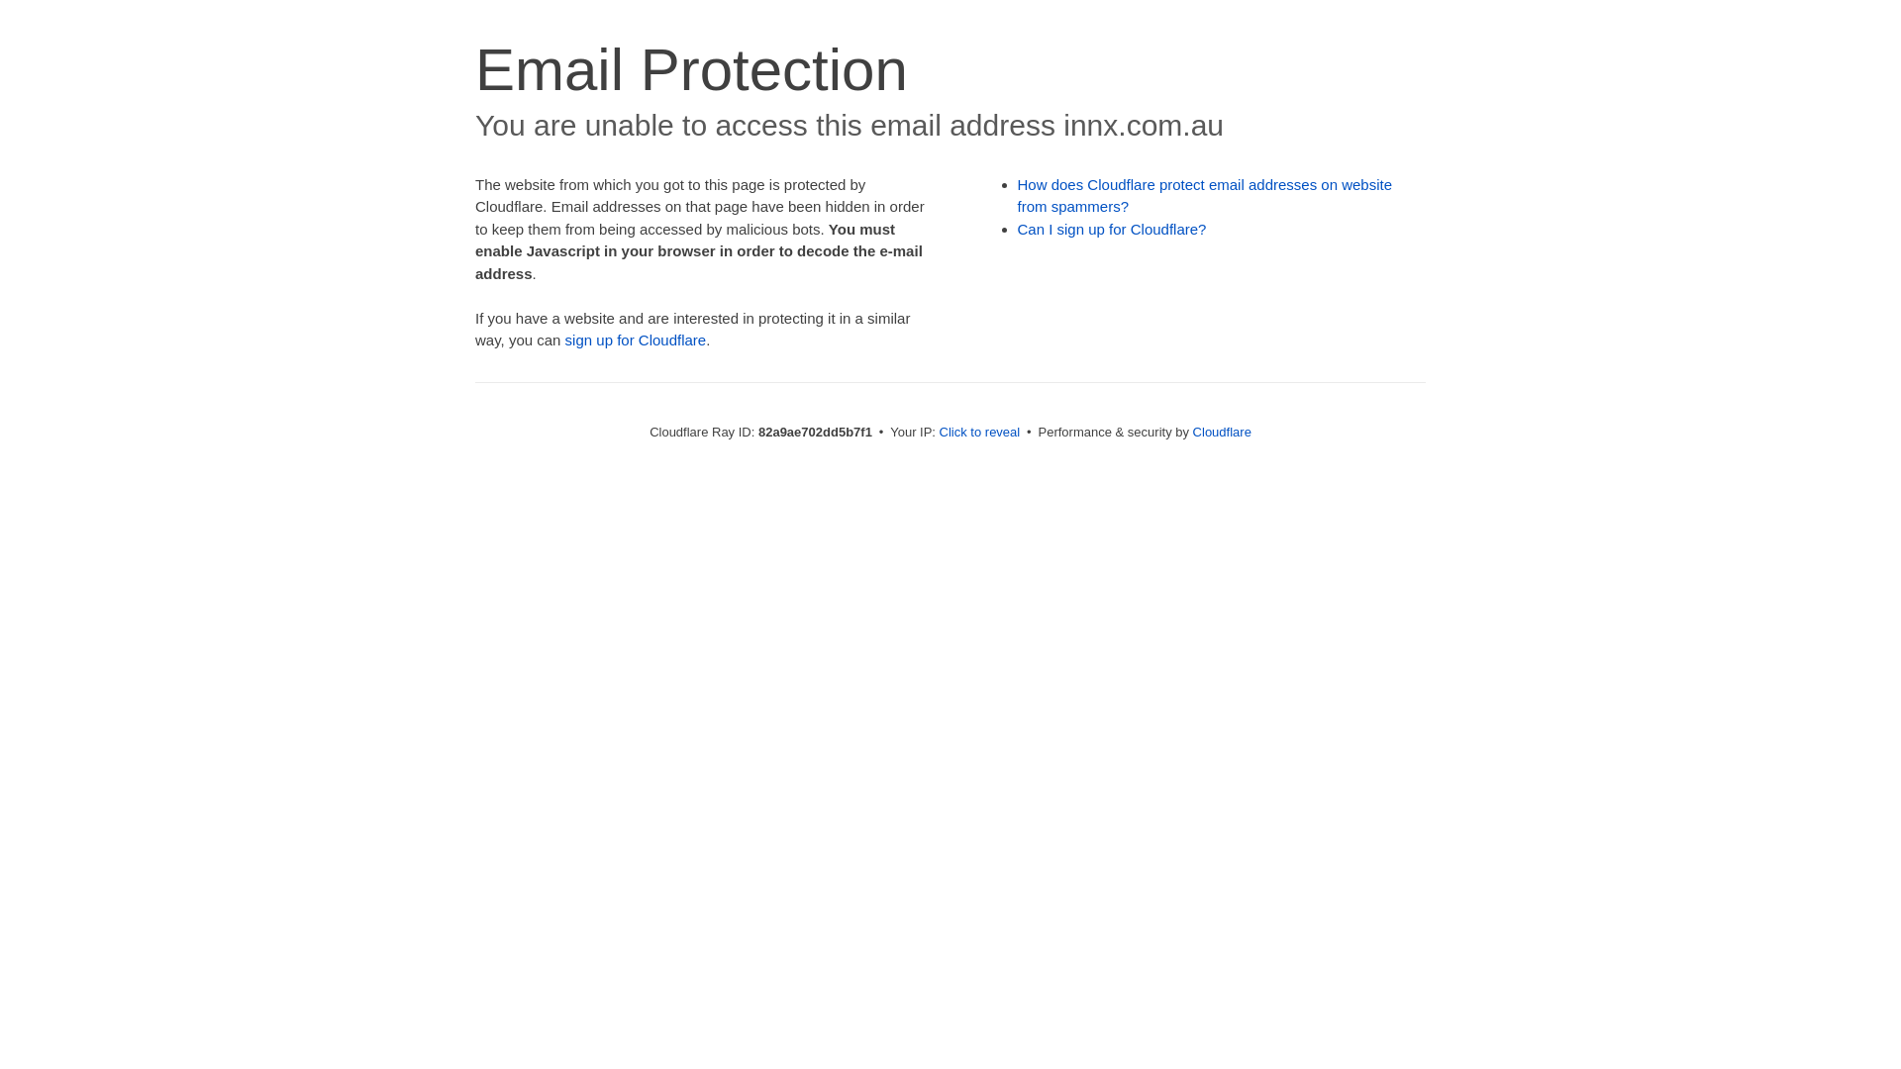 This screenshot has width=1901, height=1069. What do you see at coordinates (636, 339) in the screenshot?
I see `'sign up for Cloudflare'` at bounding box center [636, 339].